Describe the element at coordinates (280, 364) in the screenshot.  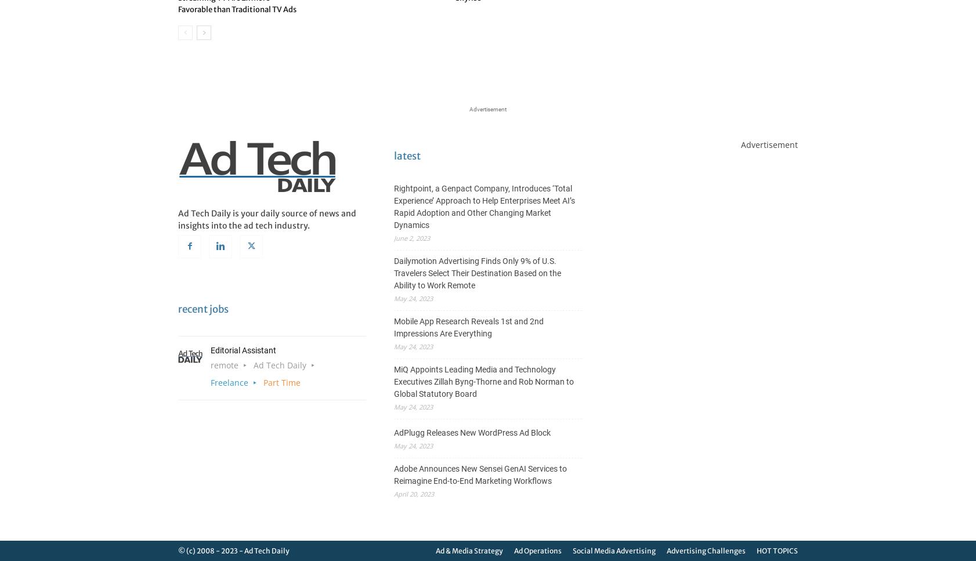
I see `'Ad Tech Daily'` at that location.